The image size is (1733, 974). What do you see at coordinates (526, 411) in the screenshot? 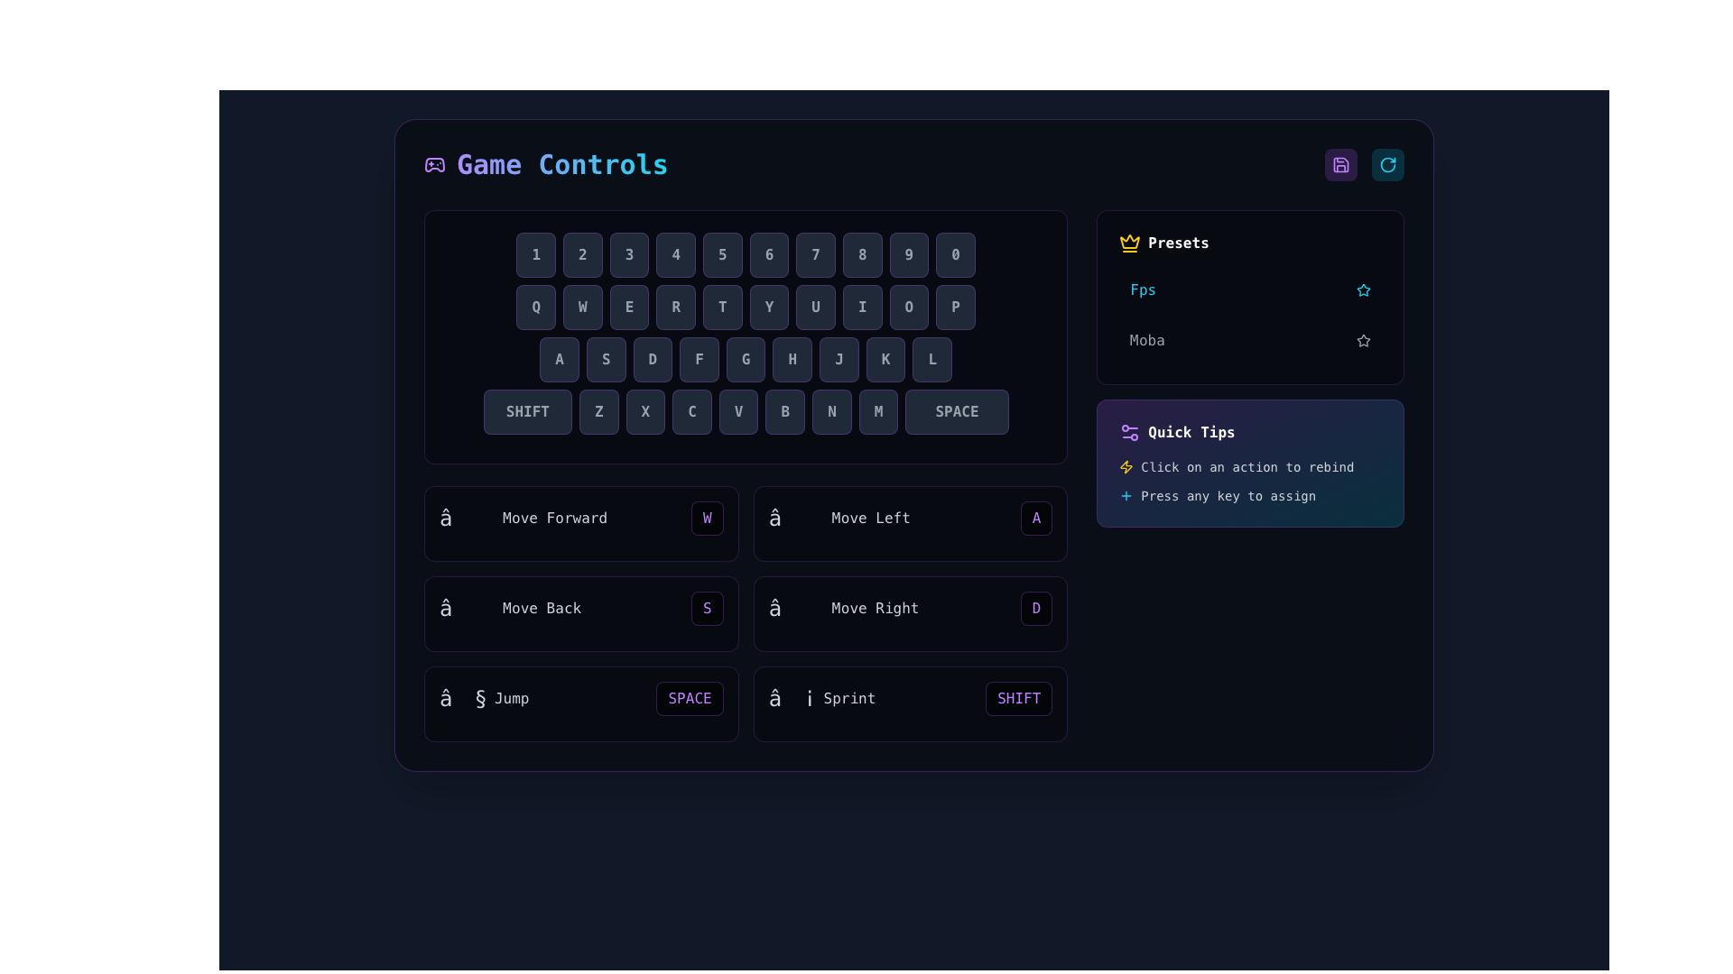
I see `the Shift key button on the virtual keyboard located at the leftmost position of the bottom row, which is used for enabling upper-case letters or alternative characters` at bounding box center [526, 411].